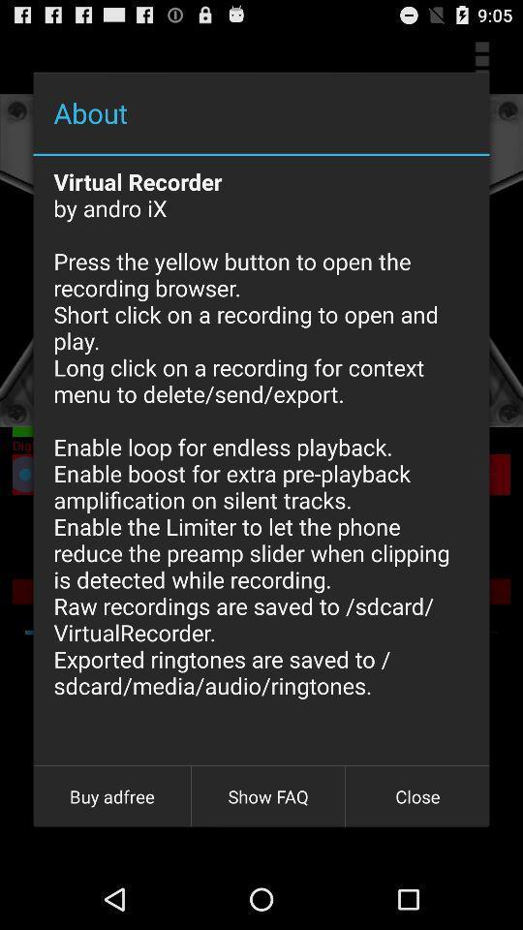 The image size is (523, 930). Describe the element at coordinates (111, 796) in the screenshot. I see `the buy adfree` at that location.